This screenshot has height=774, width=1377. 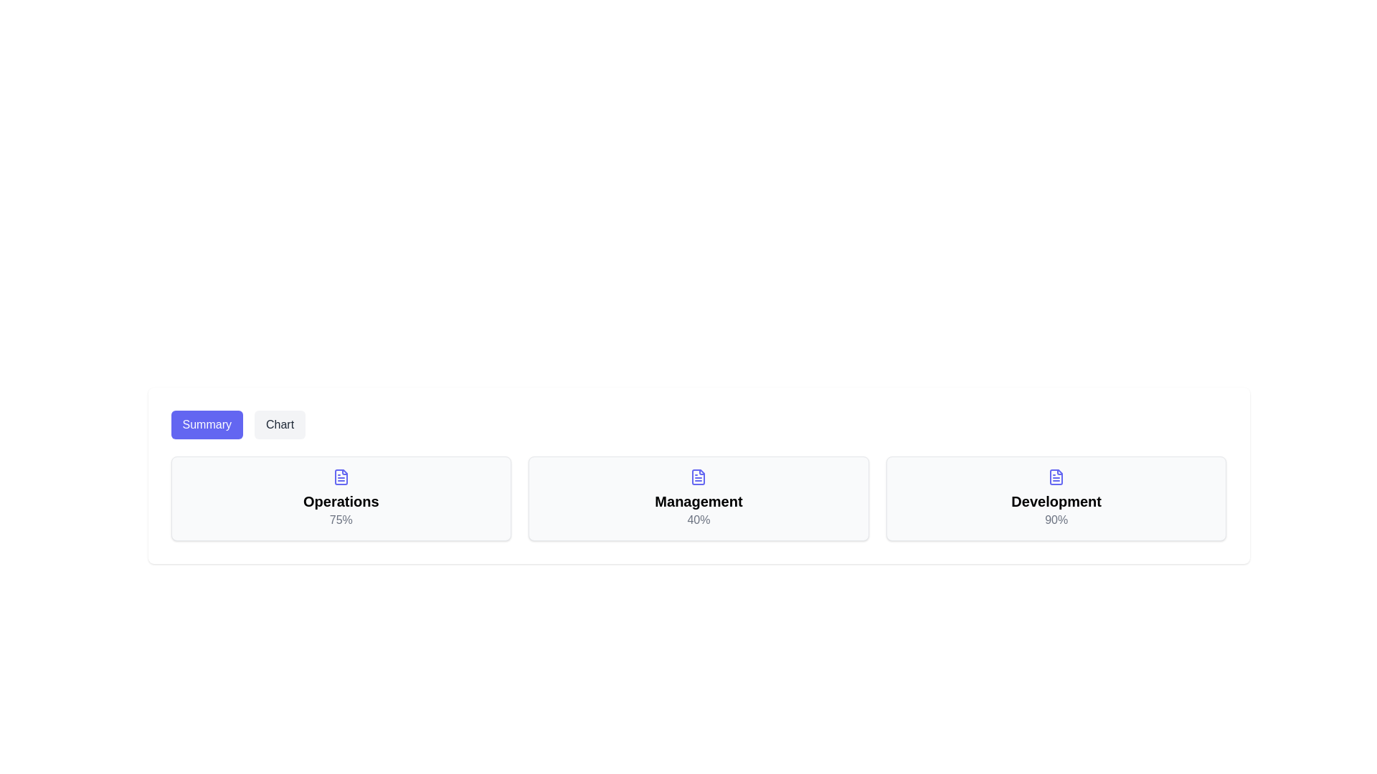 What do you see at coordinates (699, 520) in the screenshot?
I see `the gray text indicating a percentage value located at the bottom of the 'Management' card` at bounding box center [699, 520].